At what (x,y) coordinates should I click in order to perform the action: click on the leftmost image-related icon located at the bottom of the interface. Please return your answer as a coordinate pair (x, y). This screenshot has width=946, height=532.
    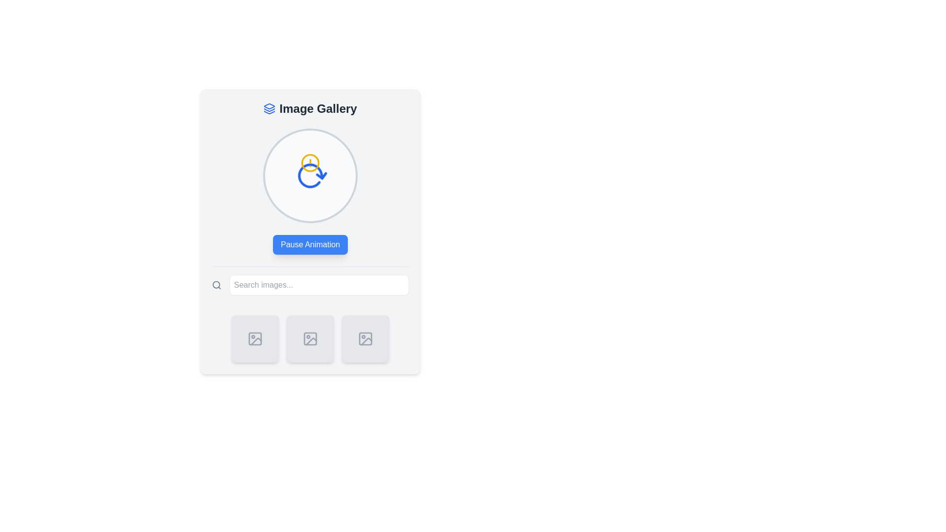
    Looking at the image, I should click on (255, 338).